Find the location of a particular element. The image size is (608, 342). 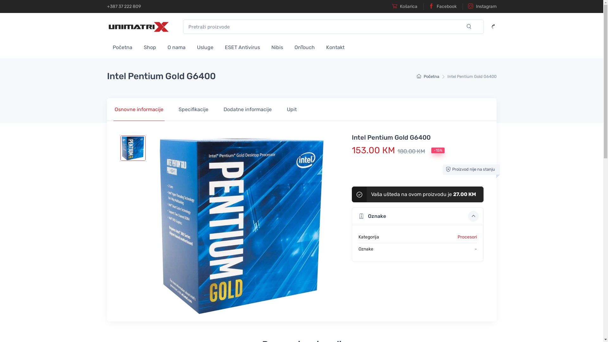

'+387 37 222 809' is located at coordinates (124, 6).